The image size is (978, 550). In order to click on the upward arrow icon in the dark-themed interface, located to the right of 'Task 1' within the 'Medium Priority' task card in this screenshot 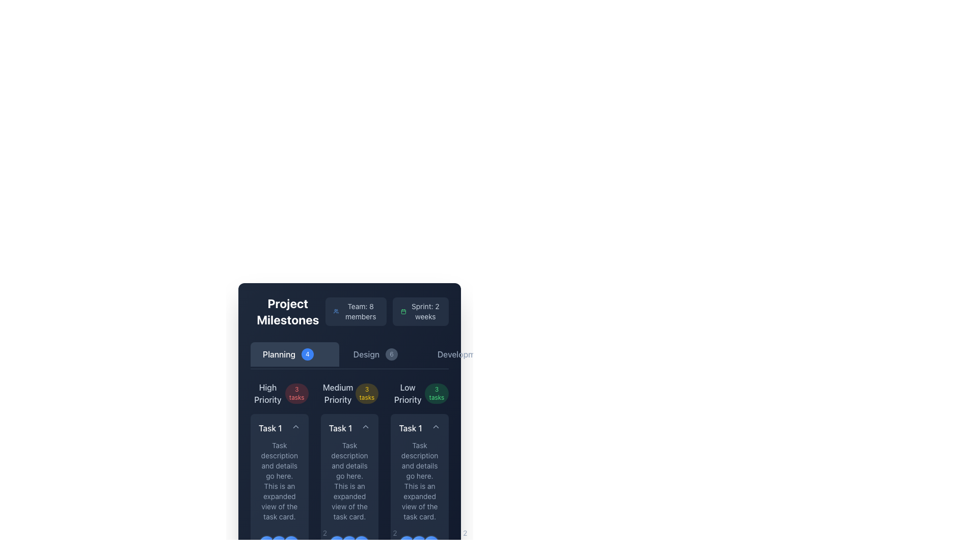, I will do `click(366, 426)`.